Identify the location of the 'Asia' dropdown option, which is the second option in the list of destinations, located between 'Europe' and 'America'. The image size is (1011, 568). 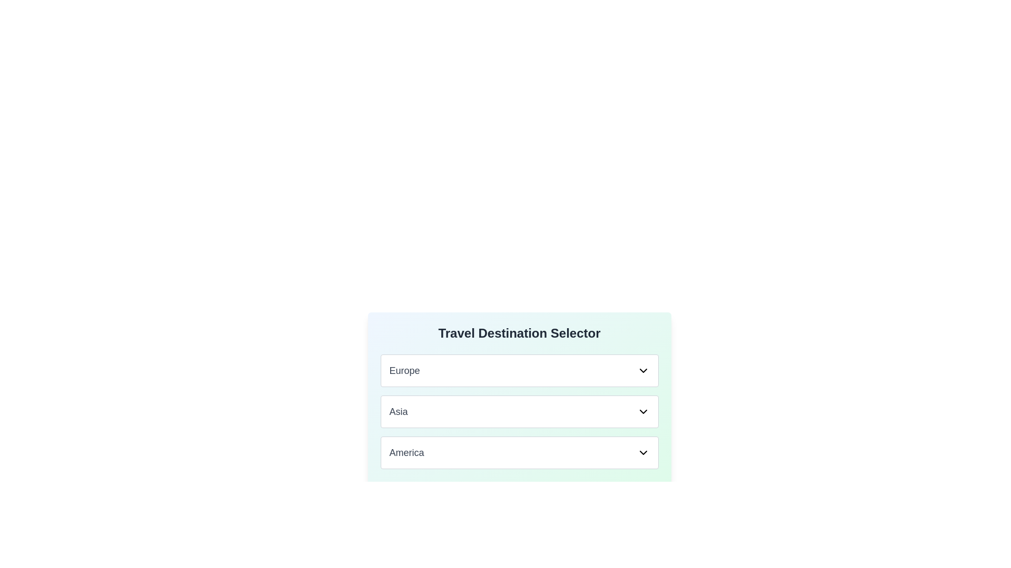
(519, 411).